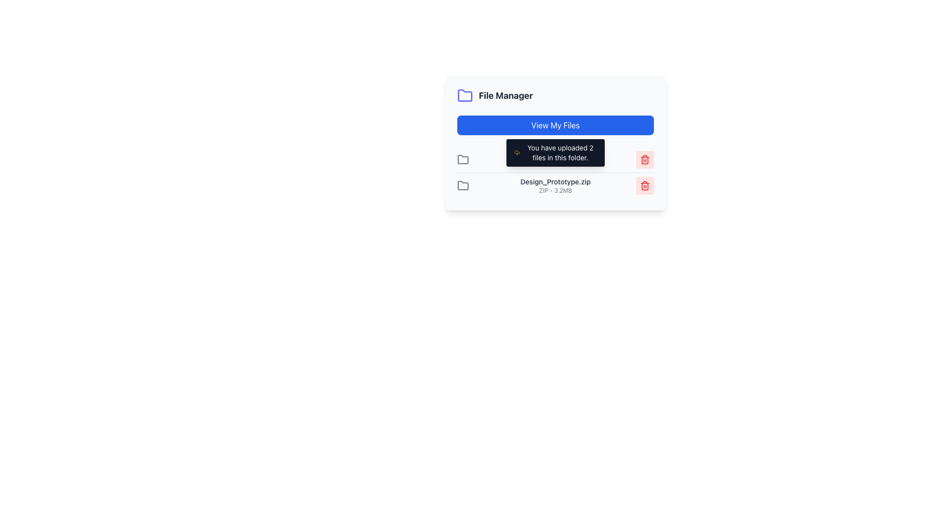  Describe the element at coordinates (555, 153) in the screenshot. I see `the Status Tooltip that displays the number of files recently uploaded, positioned beneath the 'View My Files' button` at that location.